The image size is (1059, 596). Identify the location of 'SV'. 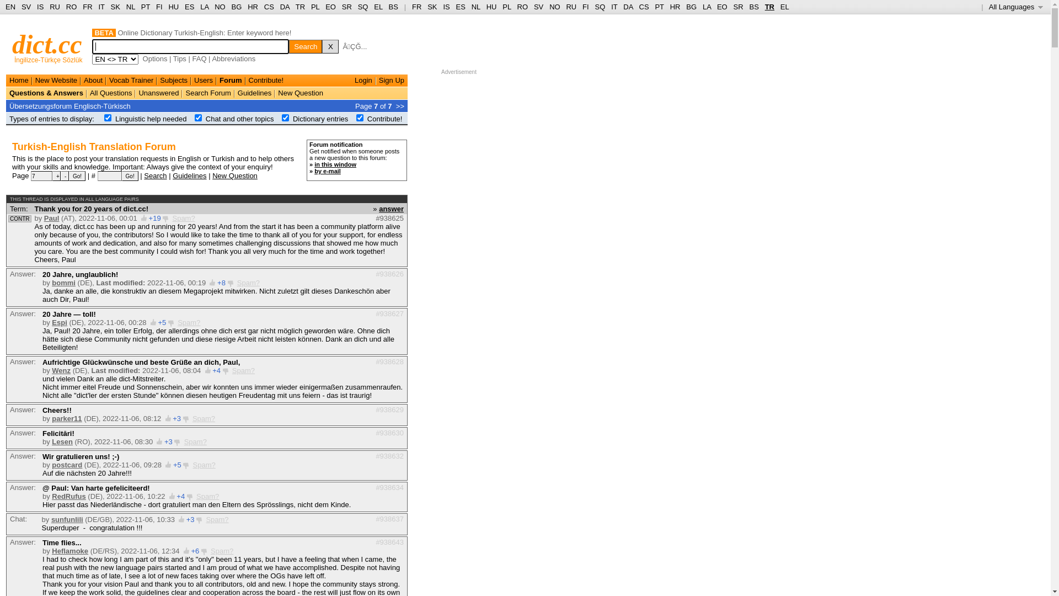
(26, 7).